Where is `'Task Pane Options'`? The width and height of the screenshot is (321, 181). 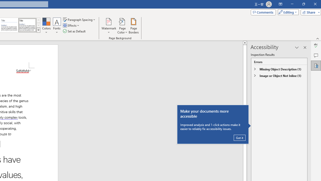 'Task Pane Options' is located at coordinates (297, 48).